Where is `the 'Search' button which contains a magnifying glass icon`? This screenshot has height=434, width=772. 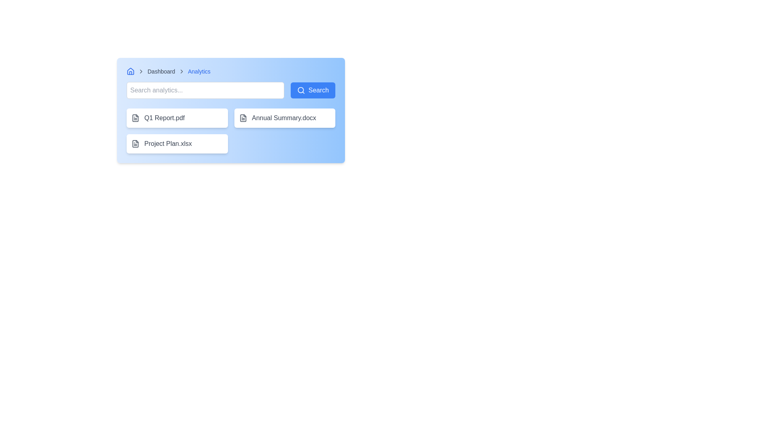 the 'Search' button which contains a magnifying glass icon is located at coordinates (301, 90).